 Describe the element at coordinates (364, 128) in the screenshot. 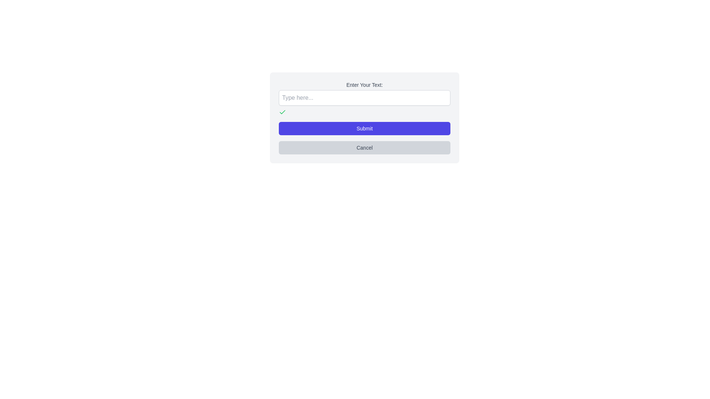

I see `the 'Submit' button with a blue background and white text` at that location.